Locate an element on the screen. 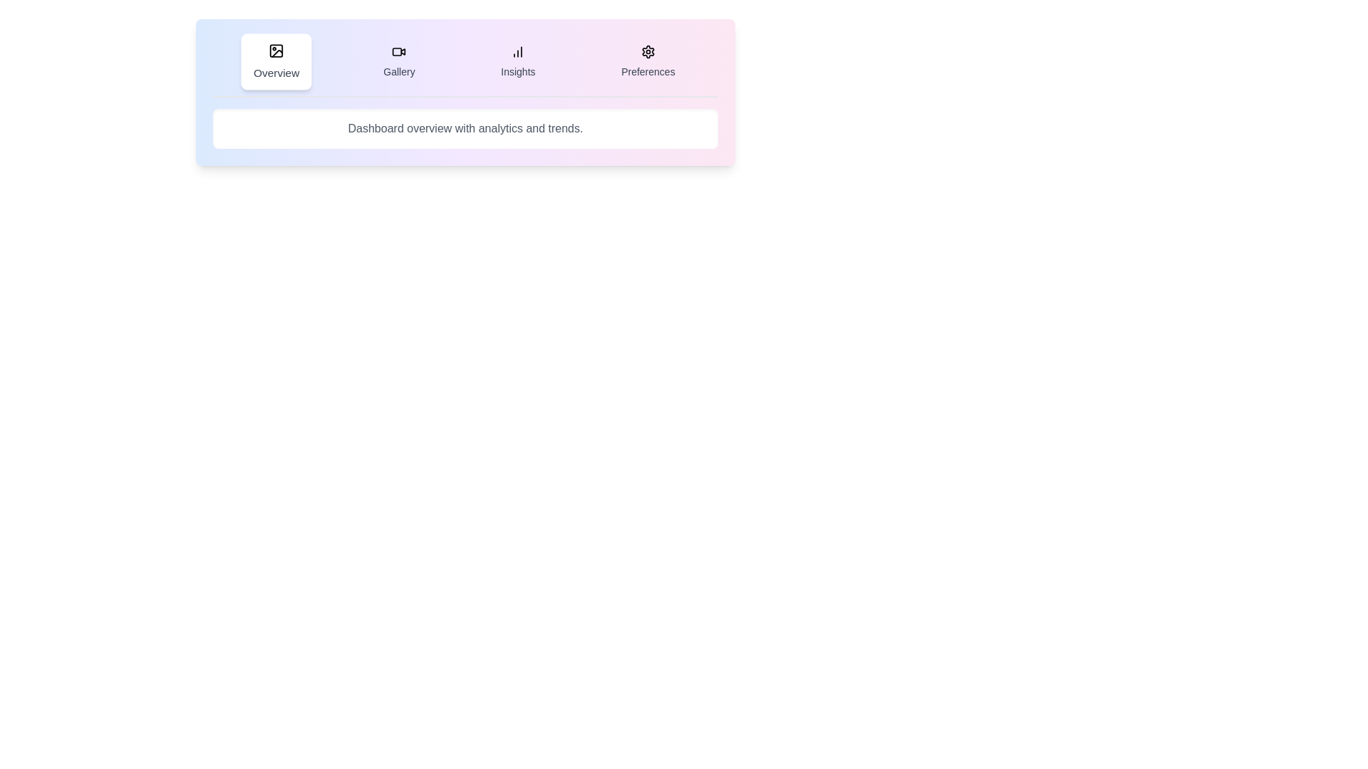 The image size is (1368, 769). the tab labeled 'Gallery' to observe its hover effect is located at coordinates (399, 61).